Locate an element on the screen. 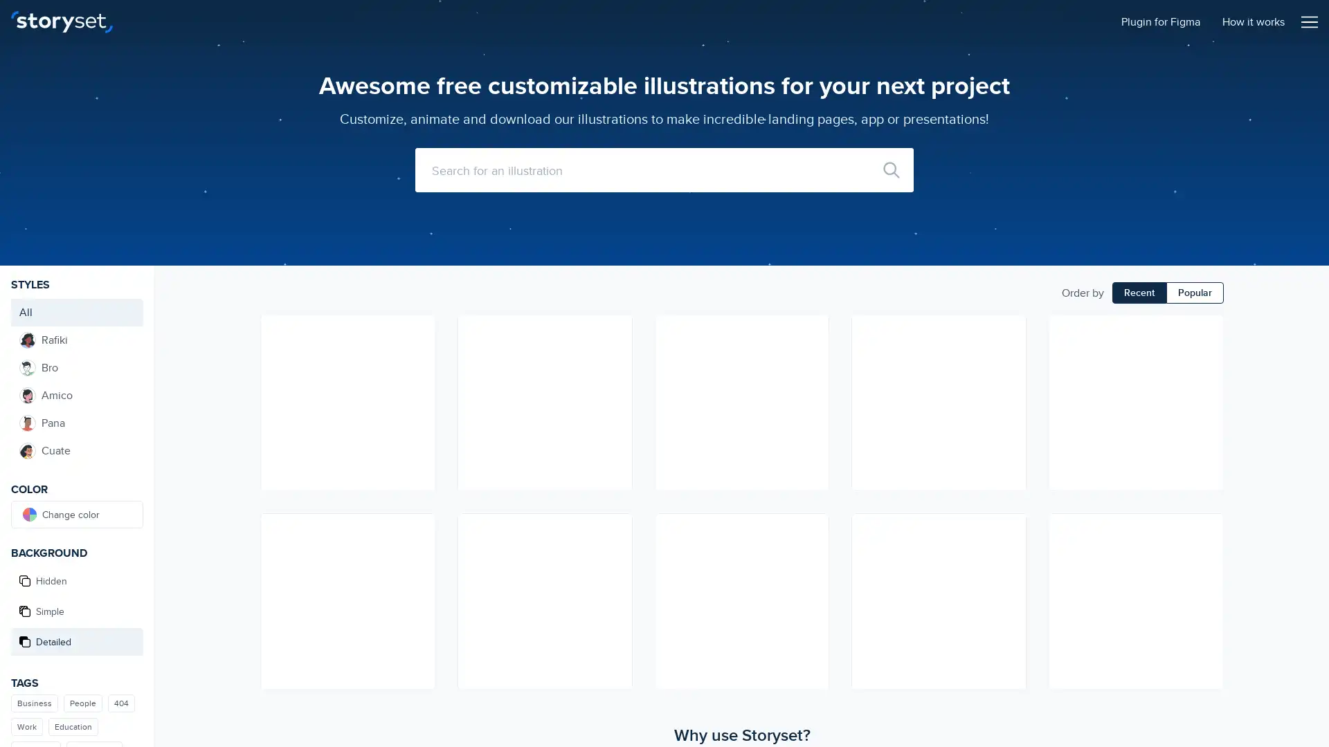  download icon Download is located at coordinates (417, 554).